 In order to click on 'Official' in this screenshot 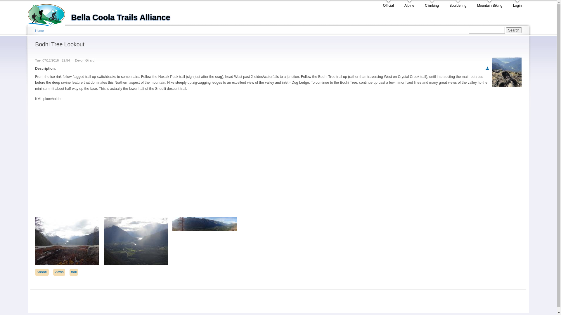, I will do `click(388, 4)`.